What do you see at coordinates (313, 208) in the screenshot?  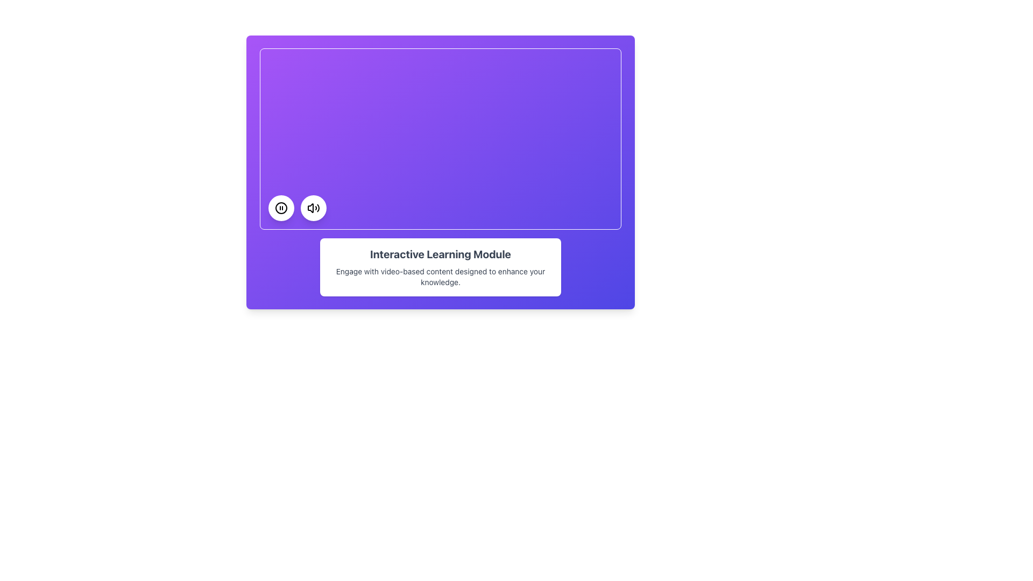 I see `the speaker icon with sound waves located inside the white circular button at the bottom-right corner of the purple content area` at bounding box center [313, 208].